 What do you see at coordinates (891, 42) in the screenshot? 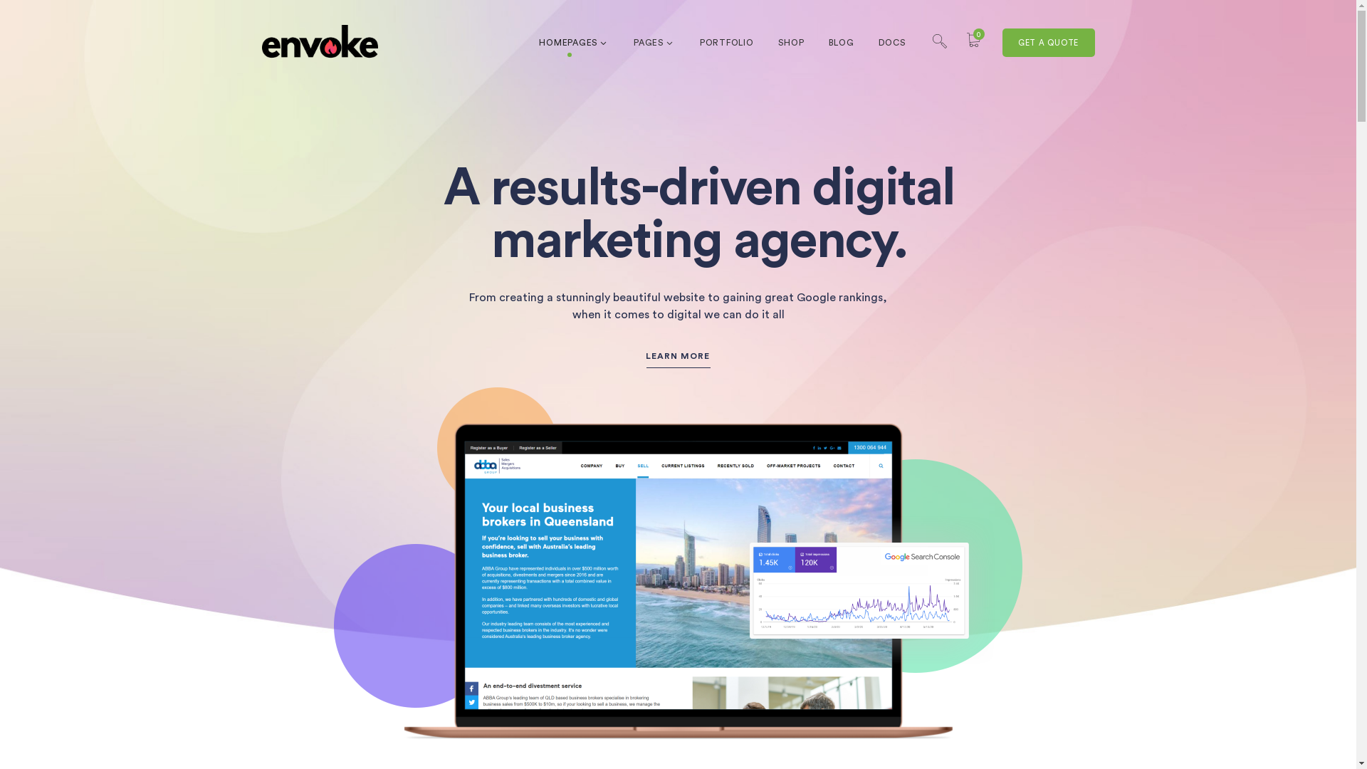
I see `'DOCS'` at bounding box center [891, 42].